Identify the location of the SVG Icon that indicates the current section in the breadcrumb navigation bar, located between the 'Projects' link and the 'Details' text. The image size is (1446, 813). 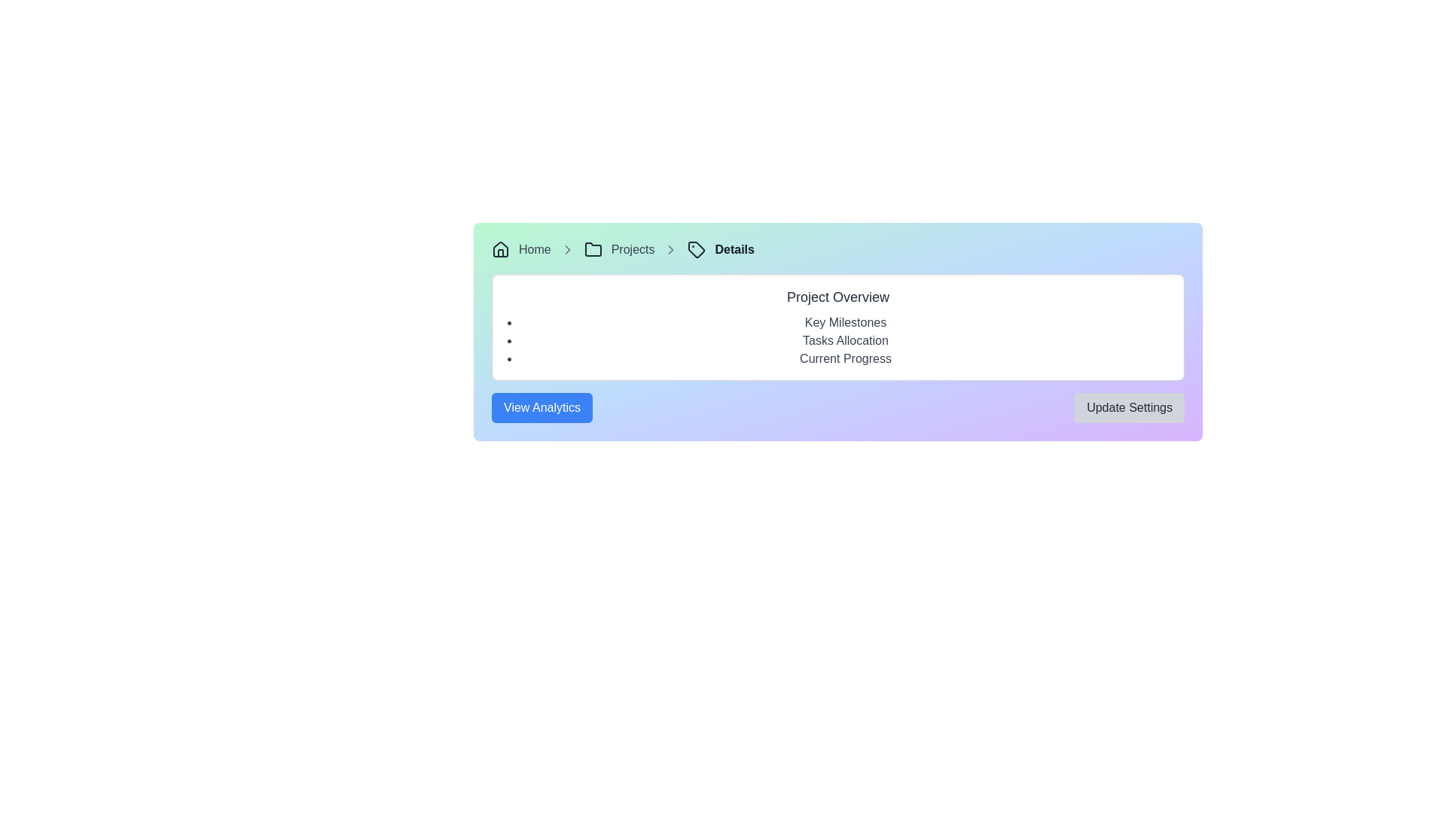
(696, 248).